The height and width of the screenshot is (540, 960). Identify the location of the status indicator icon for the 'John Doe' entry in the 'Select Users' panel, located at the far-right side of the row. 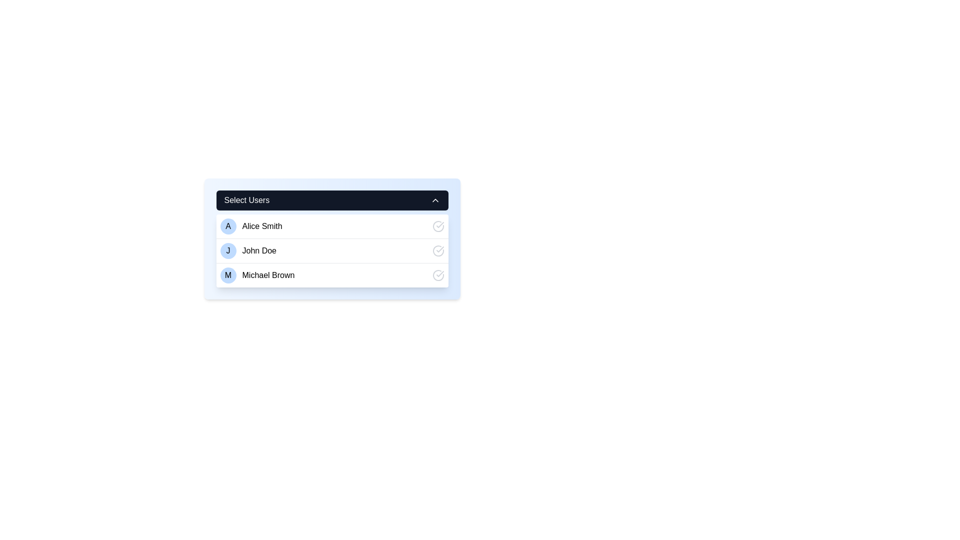
(438, 250).